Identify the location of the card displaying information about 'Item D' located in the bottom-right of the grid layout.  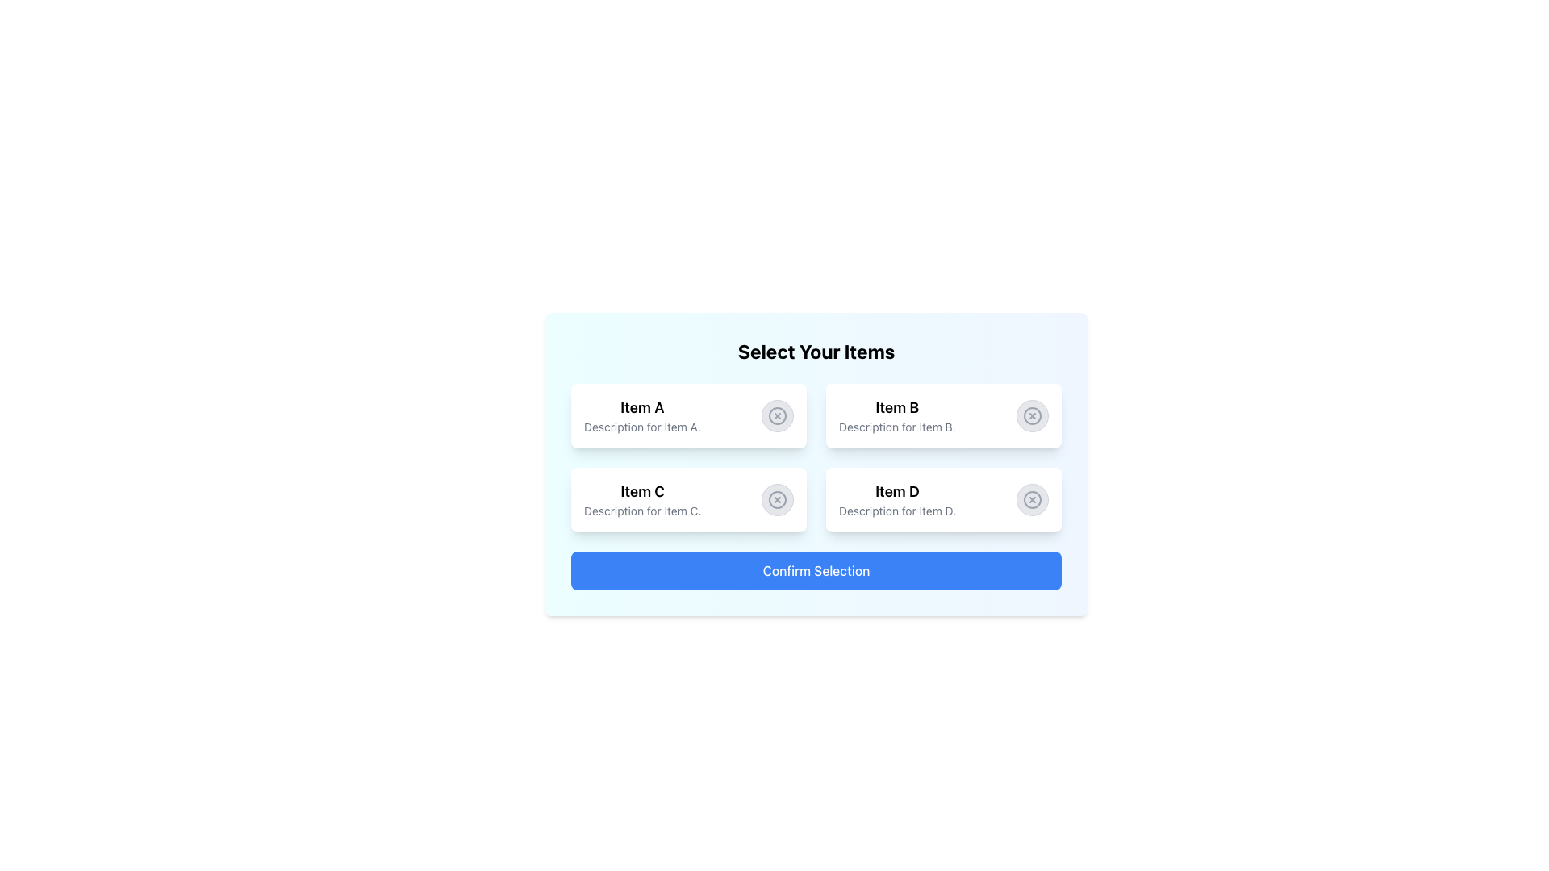
(944, 499).